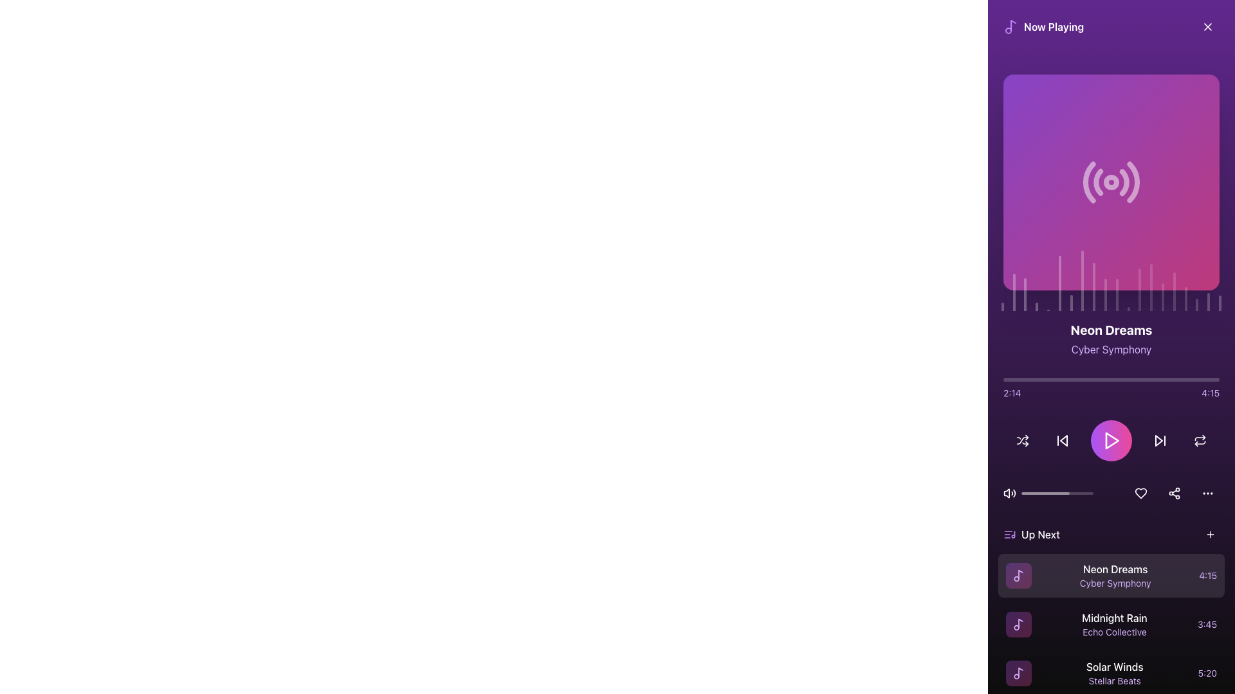  I want to click on the heart icon located in the lower section of the music player interface, so click(1141, 492).